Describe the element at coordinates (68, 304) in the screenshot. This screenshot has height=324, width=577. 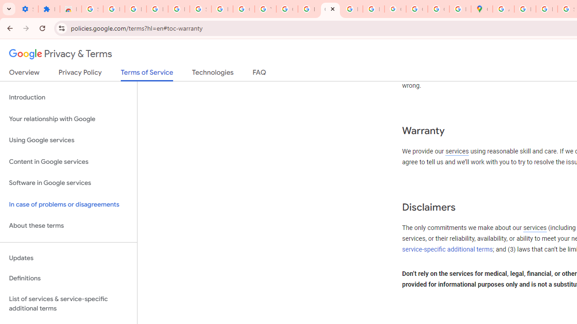
I see `'List of services & service-specific additional terms'` at that location.